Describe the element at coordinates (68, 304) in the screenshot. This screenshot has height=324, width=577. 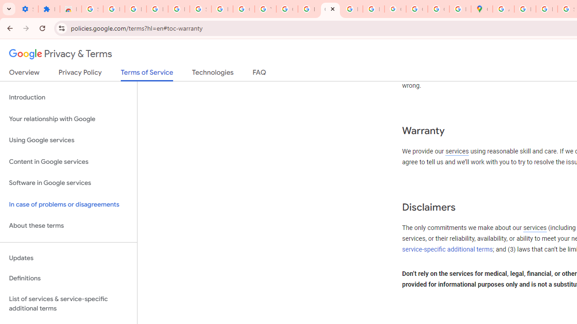
I see `'List of services & service-specific additional terms'` at that location.